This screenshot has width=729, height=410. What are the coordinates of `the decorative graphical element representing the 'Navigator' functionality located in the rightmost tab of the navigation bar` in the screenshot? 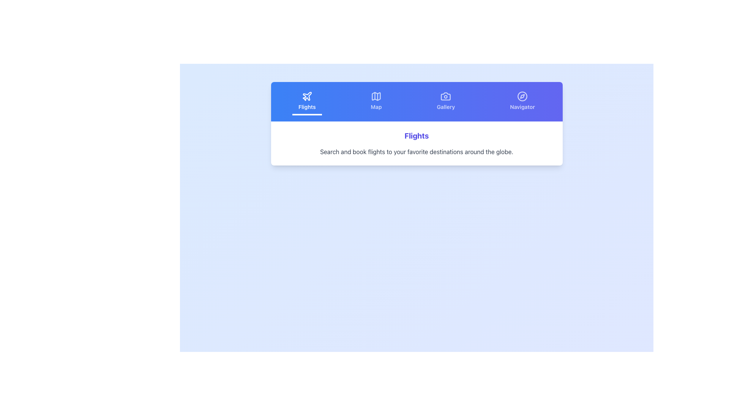 It's located at (522, 96).